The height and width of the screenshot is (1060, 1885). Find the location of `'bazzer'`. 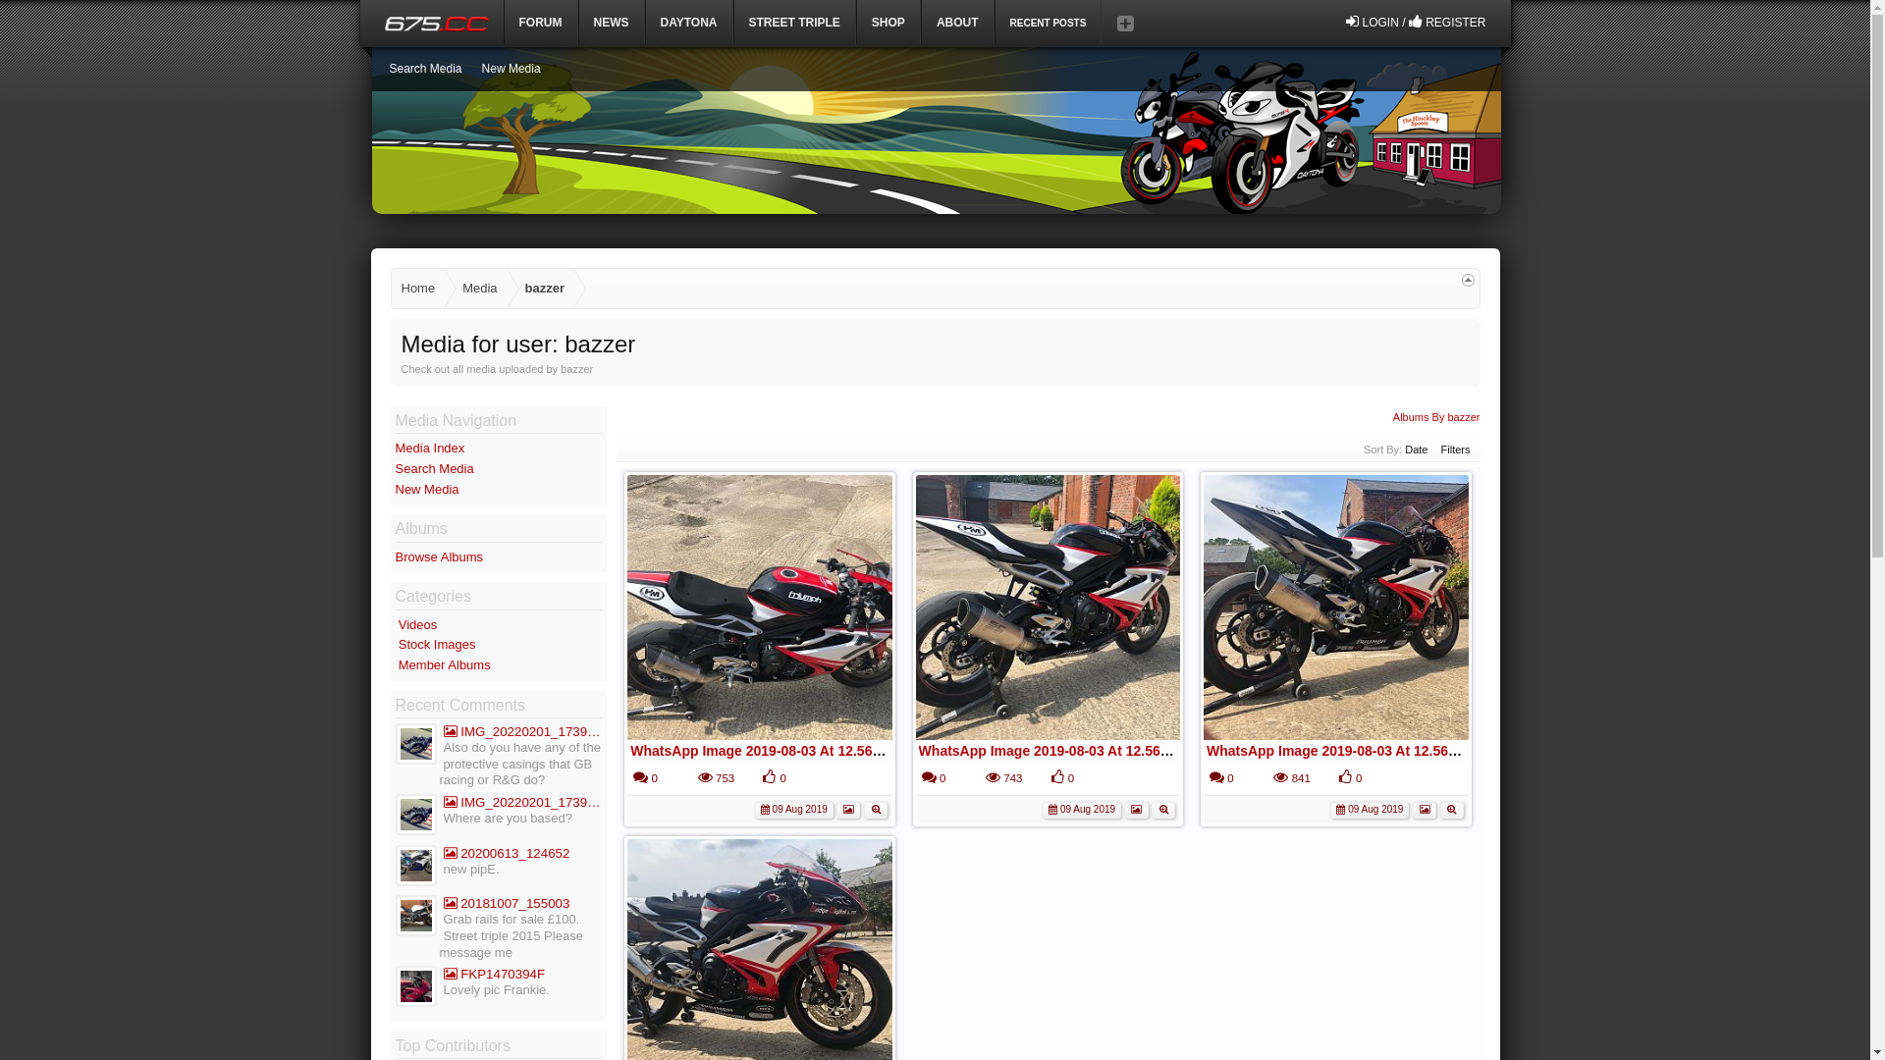

'bazzer' is located at coordinates (541, 289).